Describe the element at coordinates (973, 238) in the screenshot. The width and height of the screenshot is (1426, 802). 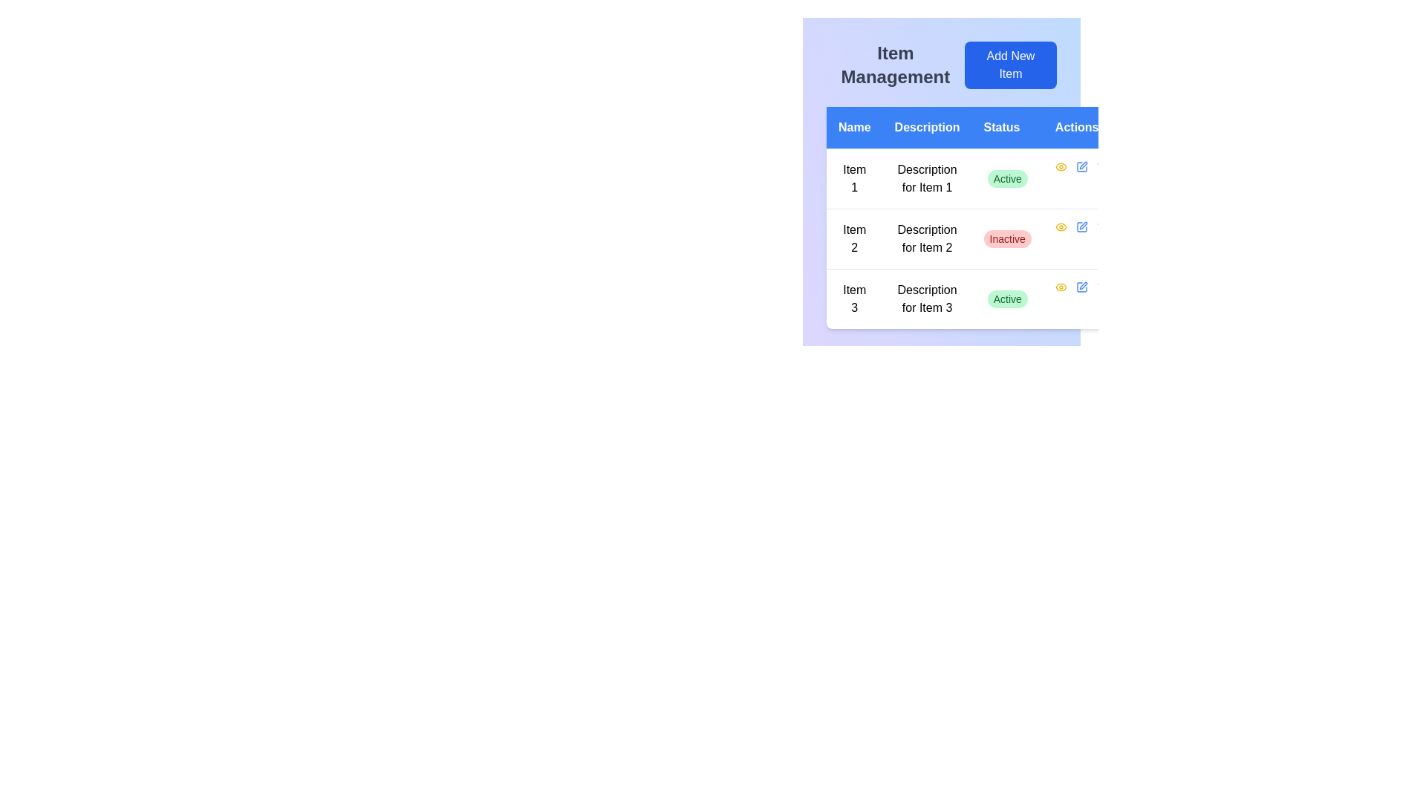
I see `status and other details of the second row in the tabular layout representing 'Description for Item 2' with status 'Inactive'` at that location.